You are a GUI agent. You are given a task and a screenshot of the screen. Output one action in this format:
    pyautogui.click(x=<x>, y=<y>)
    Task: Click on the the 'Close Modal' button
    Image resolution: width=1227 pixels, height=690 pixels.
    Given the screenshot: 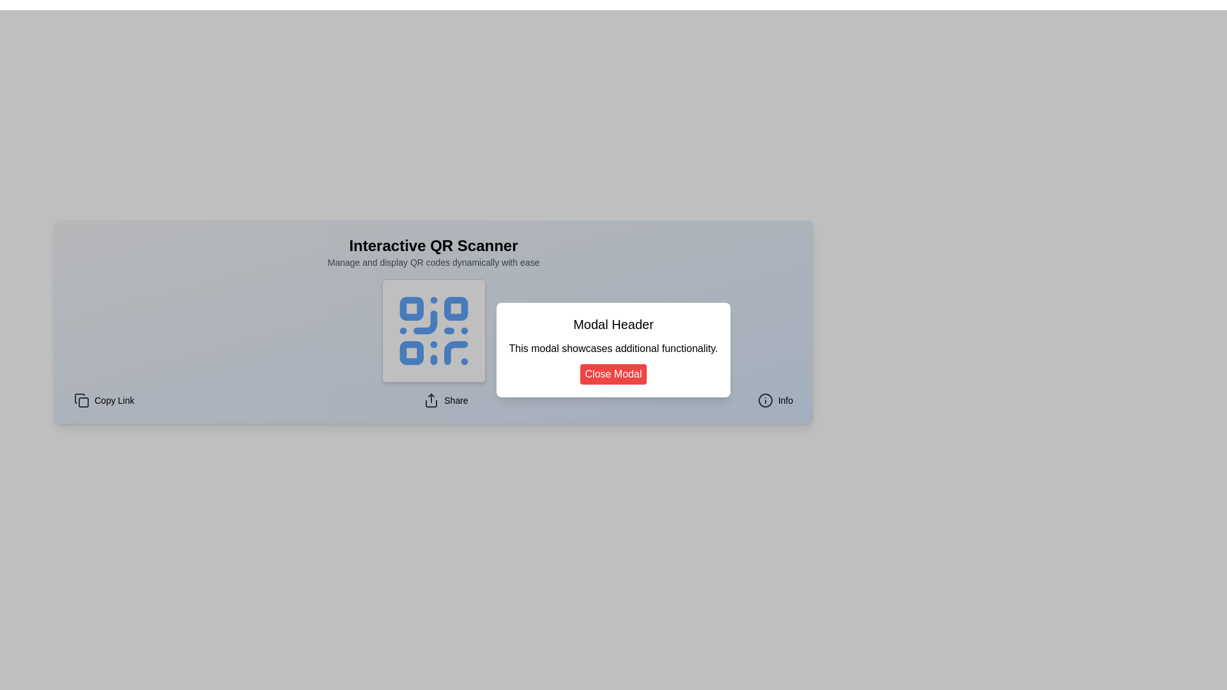 What is the action you would take?
    pyautogui.click(x=613, y=374)
    